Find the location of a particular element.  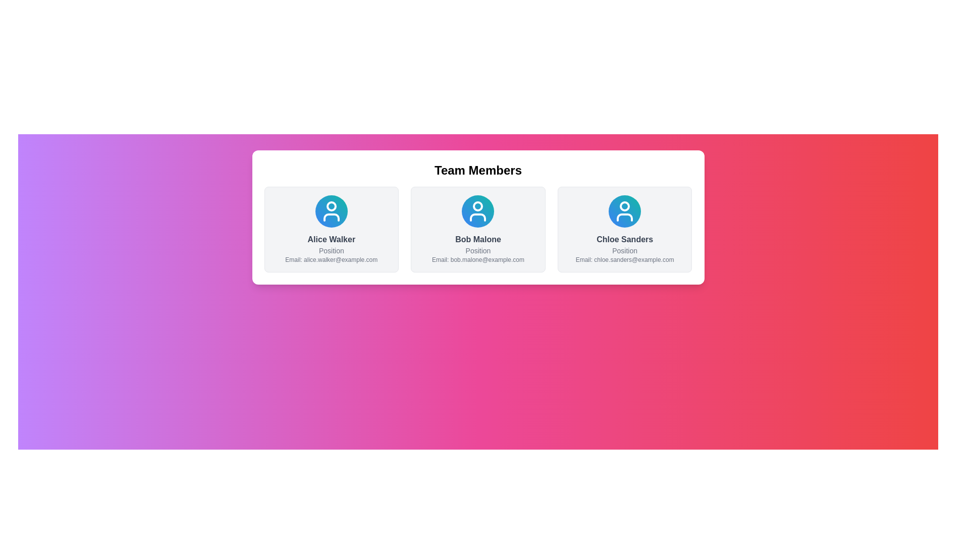

the Avatar or Profile Picture of 'Chloe Sanders', which features a circular gradient background from blue to teal and a white user icon in the center is located at coordinates (624, 211).